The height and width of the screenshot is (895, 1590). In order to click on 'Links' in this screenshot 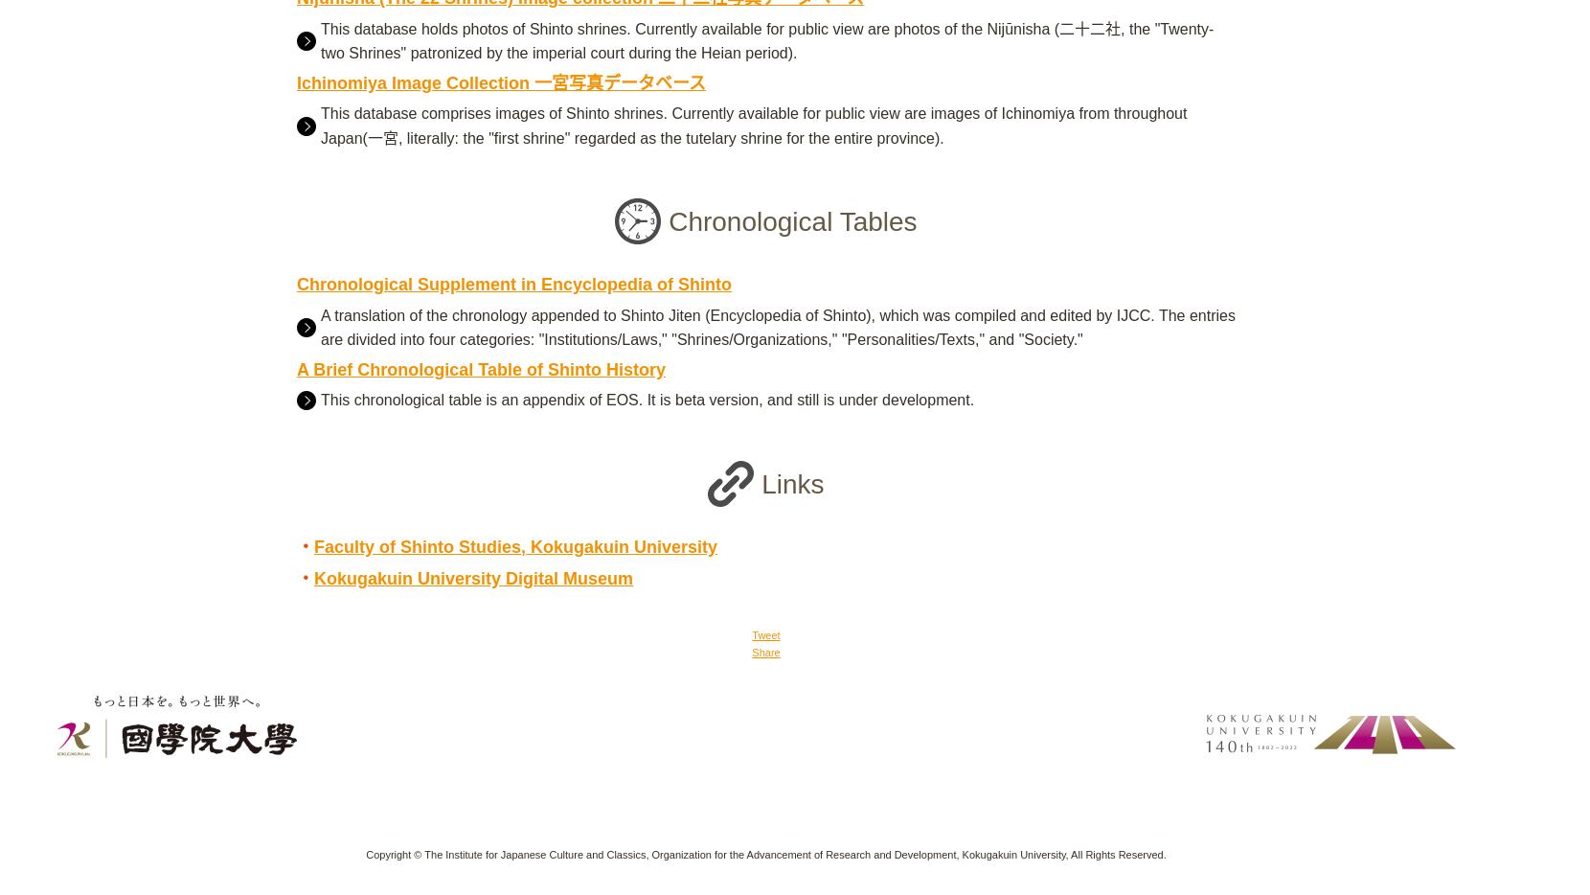, I will do `click(754, 482)`.